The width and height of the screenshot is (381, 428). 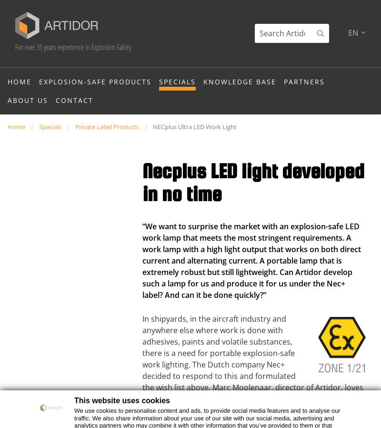 What do you see at coordinates (15, 61) in the screenshot?
I see `'For over 35 years experience in Explosion Safety'` at bounding box center [15, 61].